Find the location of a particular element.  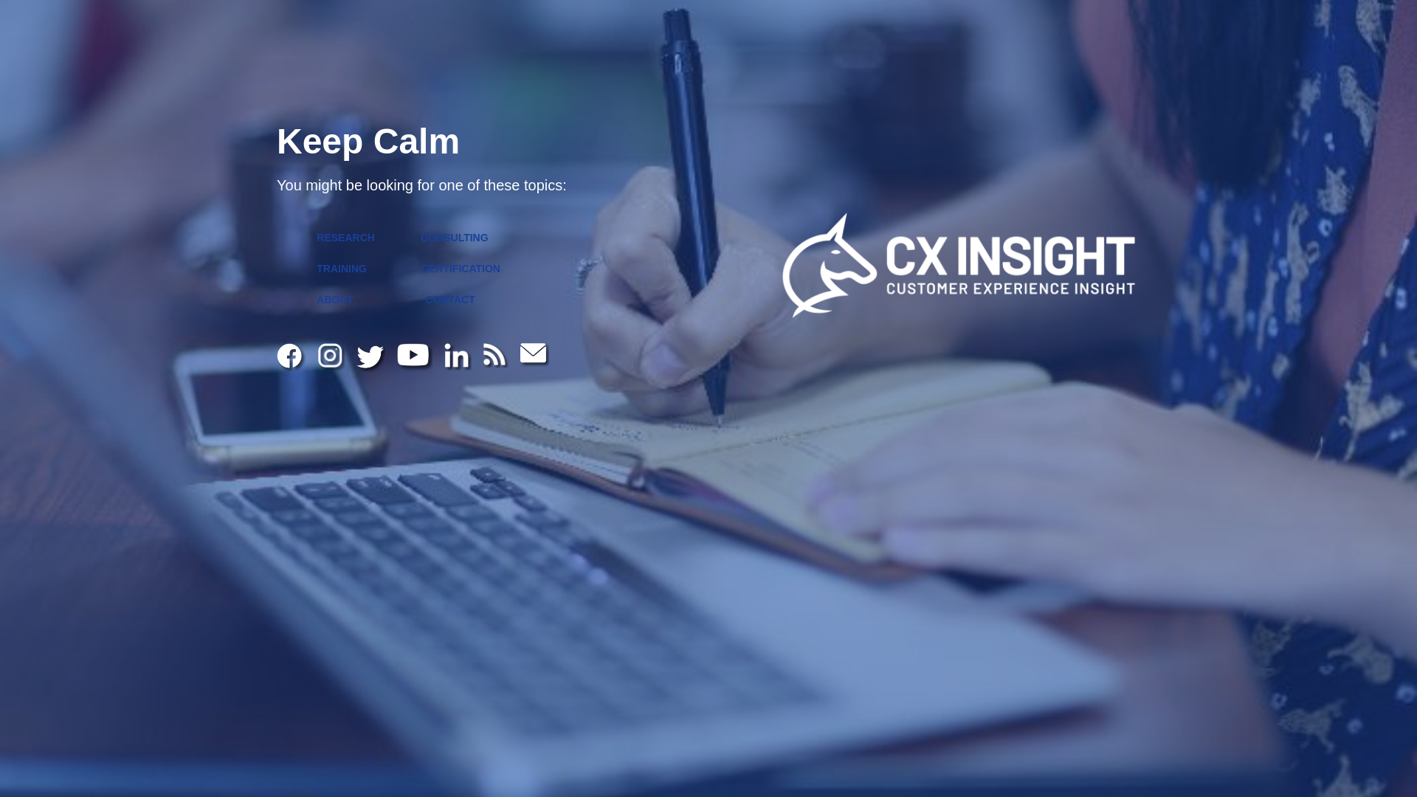

'TRAINING' is located at coordinates (340, 268).